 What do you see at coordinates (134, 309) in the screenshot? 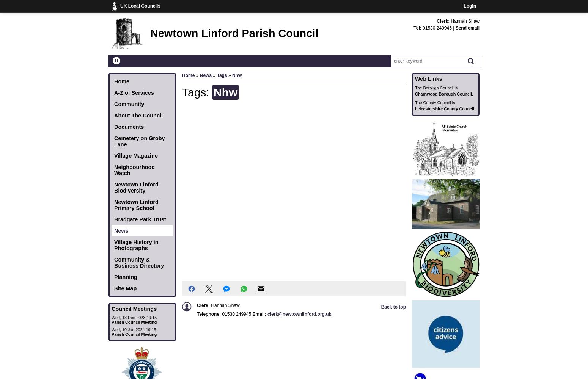
I see `'Council Meetings'` at bounding box center [134, 309].